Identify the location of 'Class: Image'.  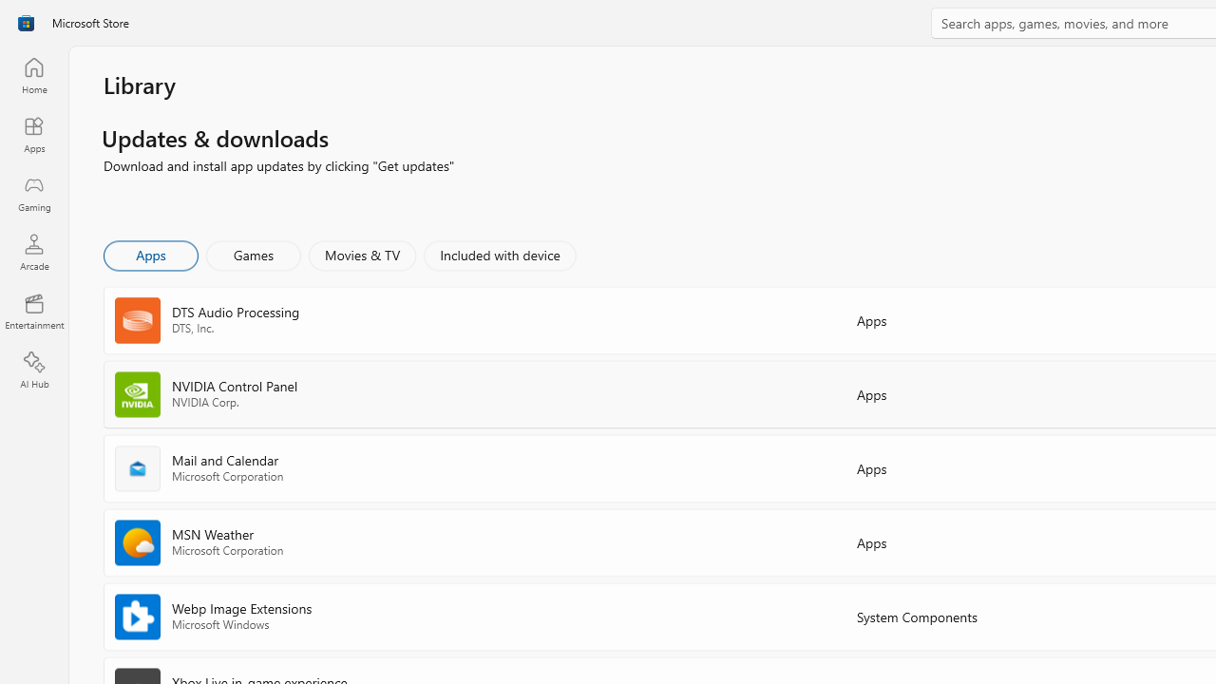
(26, 23).